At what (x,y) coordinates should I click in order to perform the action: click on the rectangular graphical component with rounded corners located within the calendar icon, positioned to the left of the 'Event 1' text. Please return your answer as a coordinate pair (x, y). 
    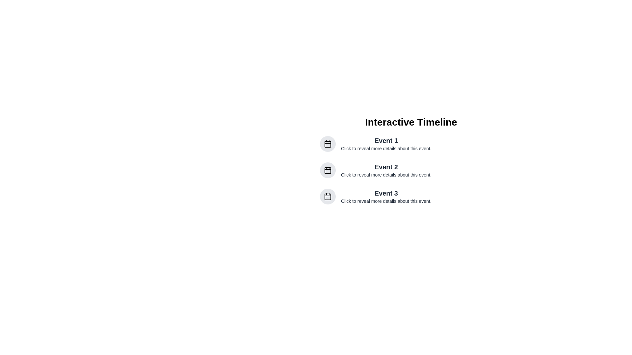
    Looking at the image, I should click on (328, 144).